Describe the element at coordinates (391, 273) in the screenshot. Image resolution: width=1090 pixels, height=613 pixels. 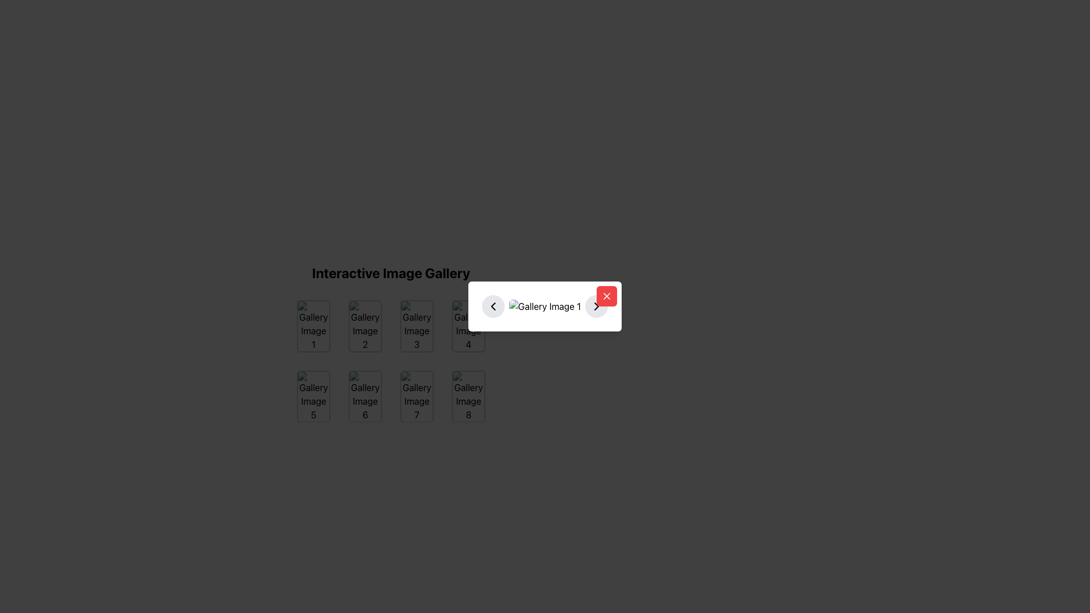
I see `the title element of the image gallery` at that location.